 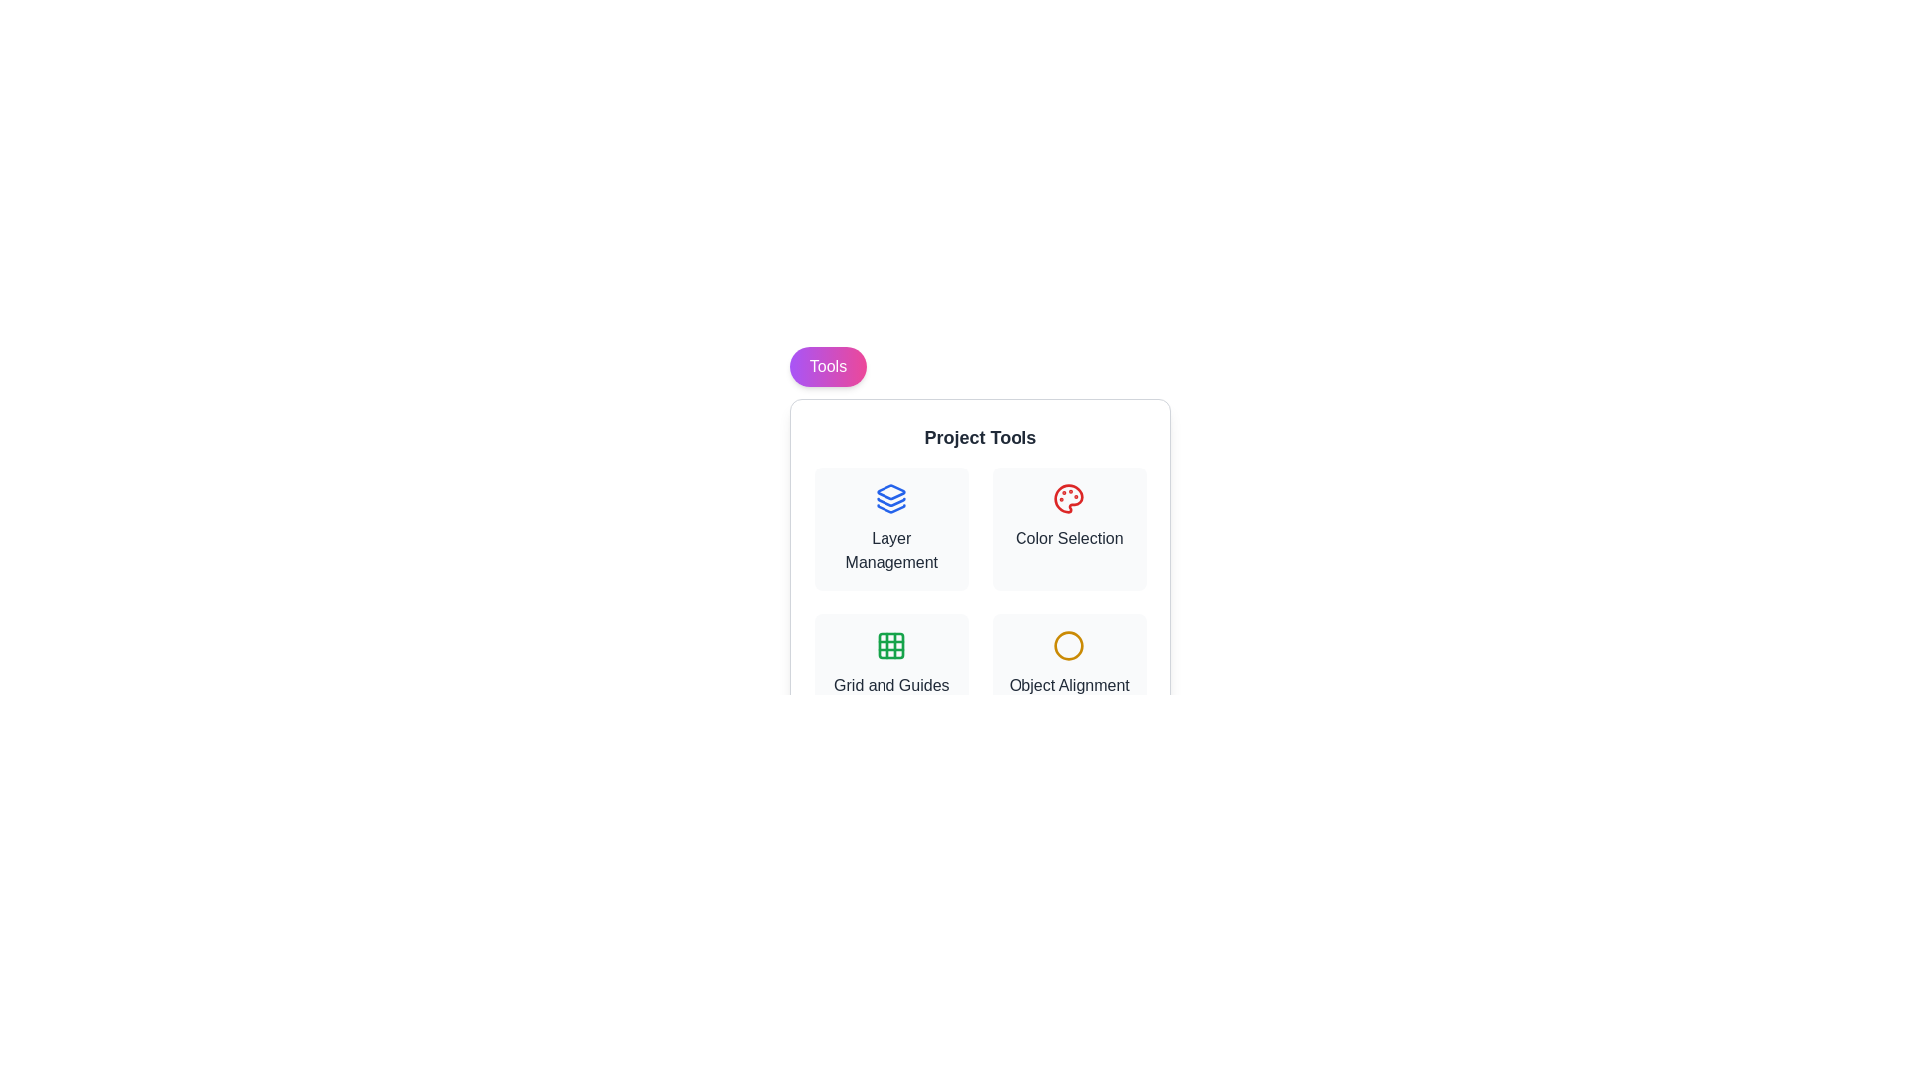 I want to click on the yellow circular outline of the SVG Circle in the 'Object Alignment' section located at the bottom-right corner of the 'Project Tools' area, so click(x=1068, y=646).